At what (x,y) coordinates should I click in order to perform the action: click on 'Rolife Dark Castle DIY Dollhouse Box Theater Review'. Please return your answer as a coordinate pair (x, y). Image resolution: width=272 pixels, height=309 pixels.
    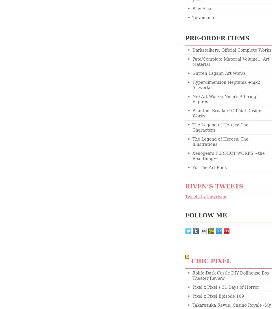
    Looking at the image, I should click on (231, 275).